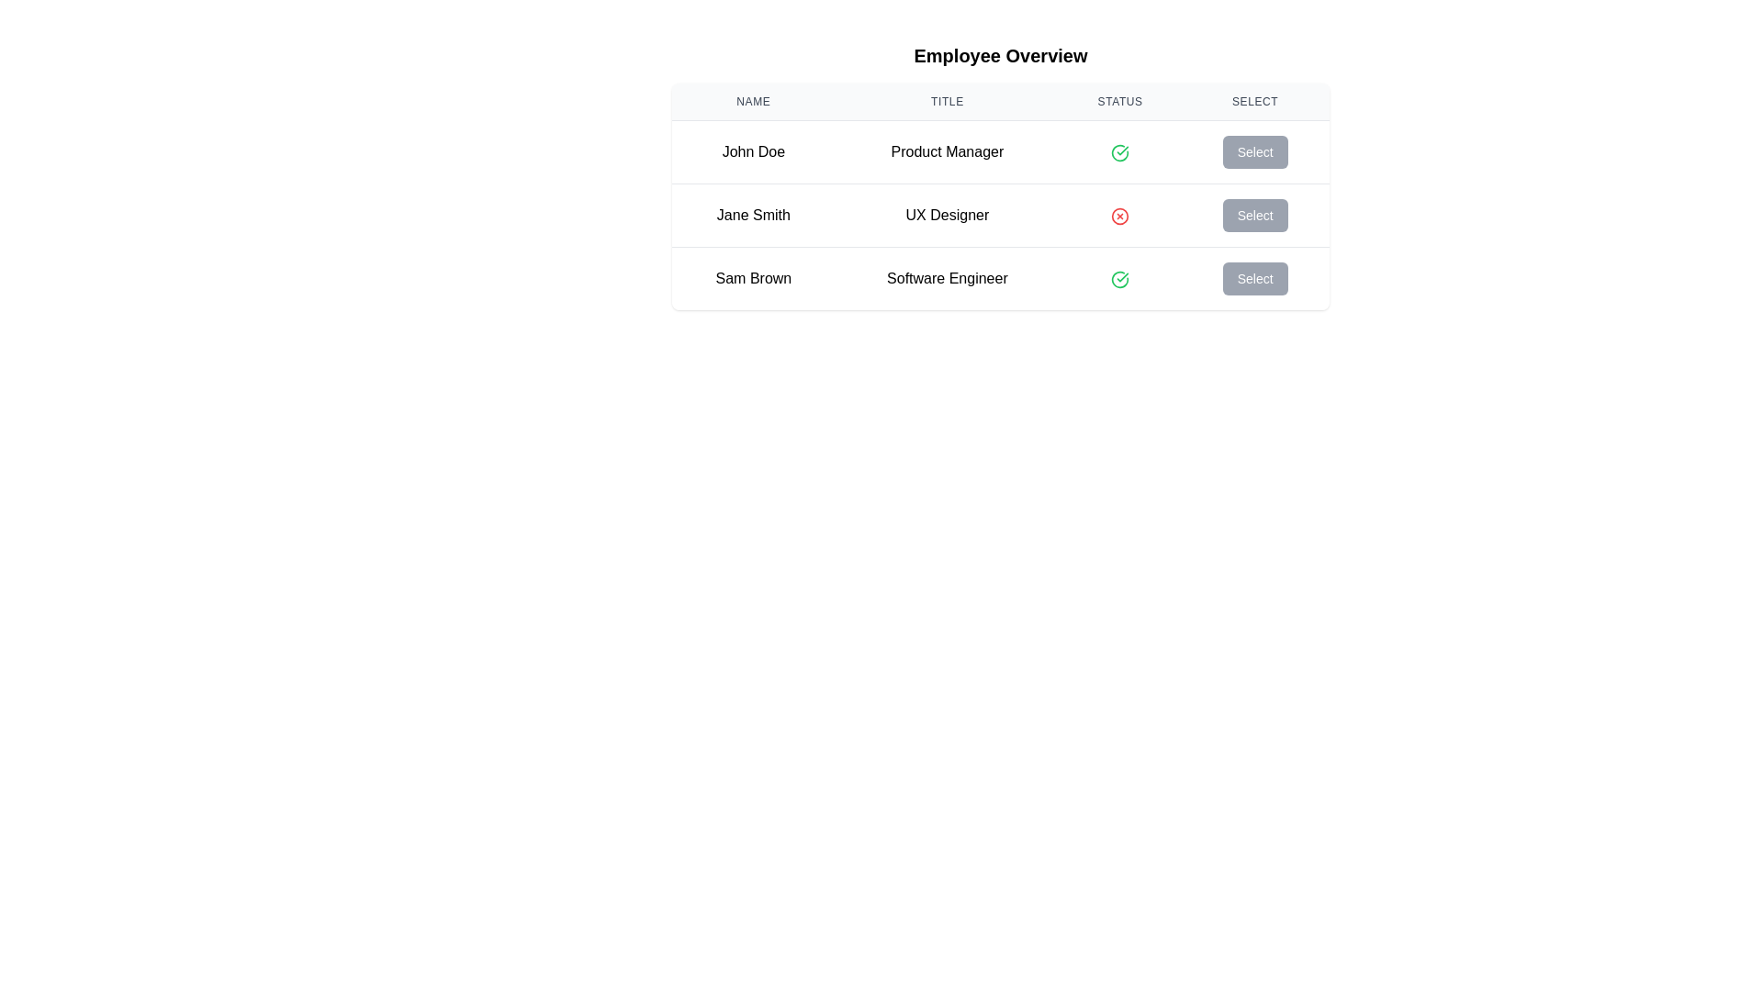  I want to click on the text and status icon within the second row of the employee table, which displays 'Jane Smith UX Designer', so click(999, 214).